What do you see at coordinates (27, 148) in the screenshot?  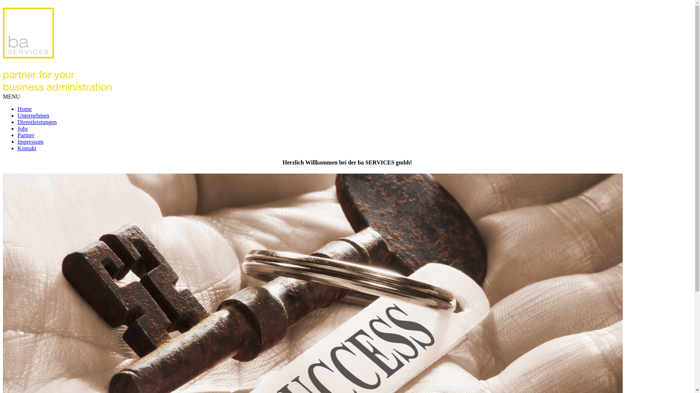 I see `'Kontakt'` at bounding box center [27, 148].